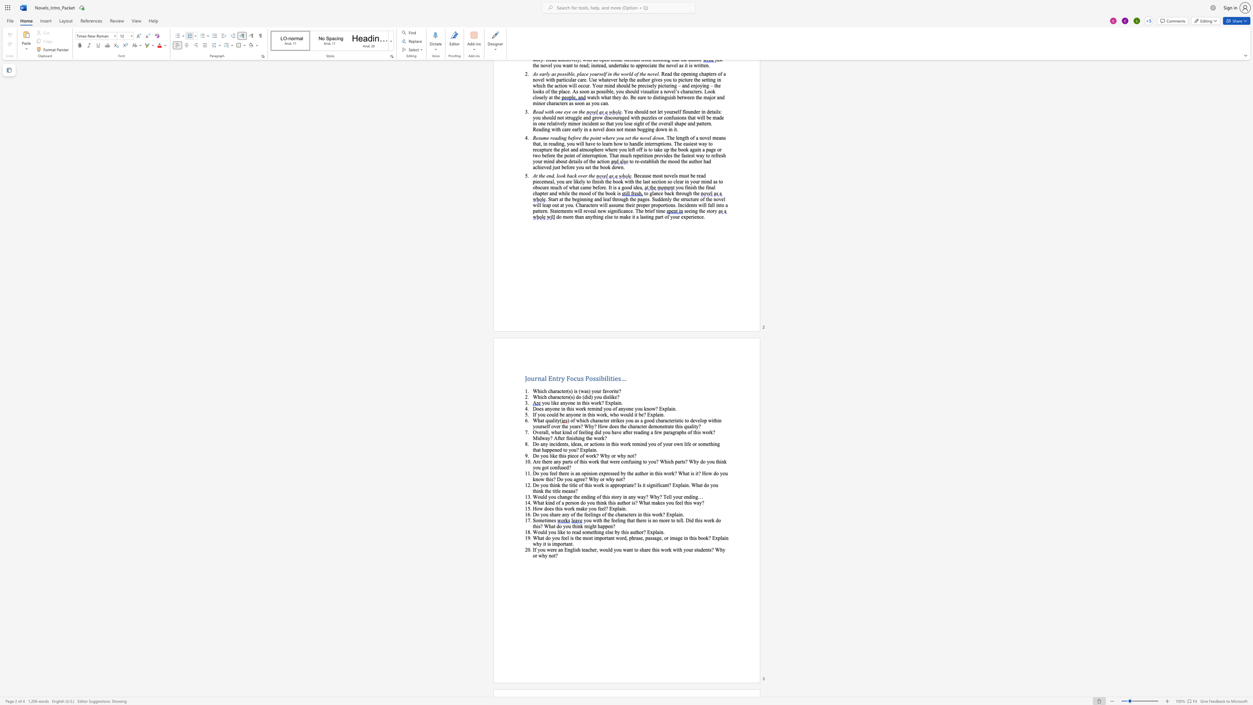  I want to click on the 1th character "g" in the text, so click(640, 461).